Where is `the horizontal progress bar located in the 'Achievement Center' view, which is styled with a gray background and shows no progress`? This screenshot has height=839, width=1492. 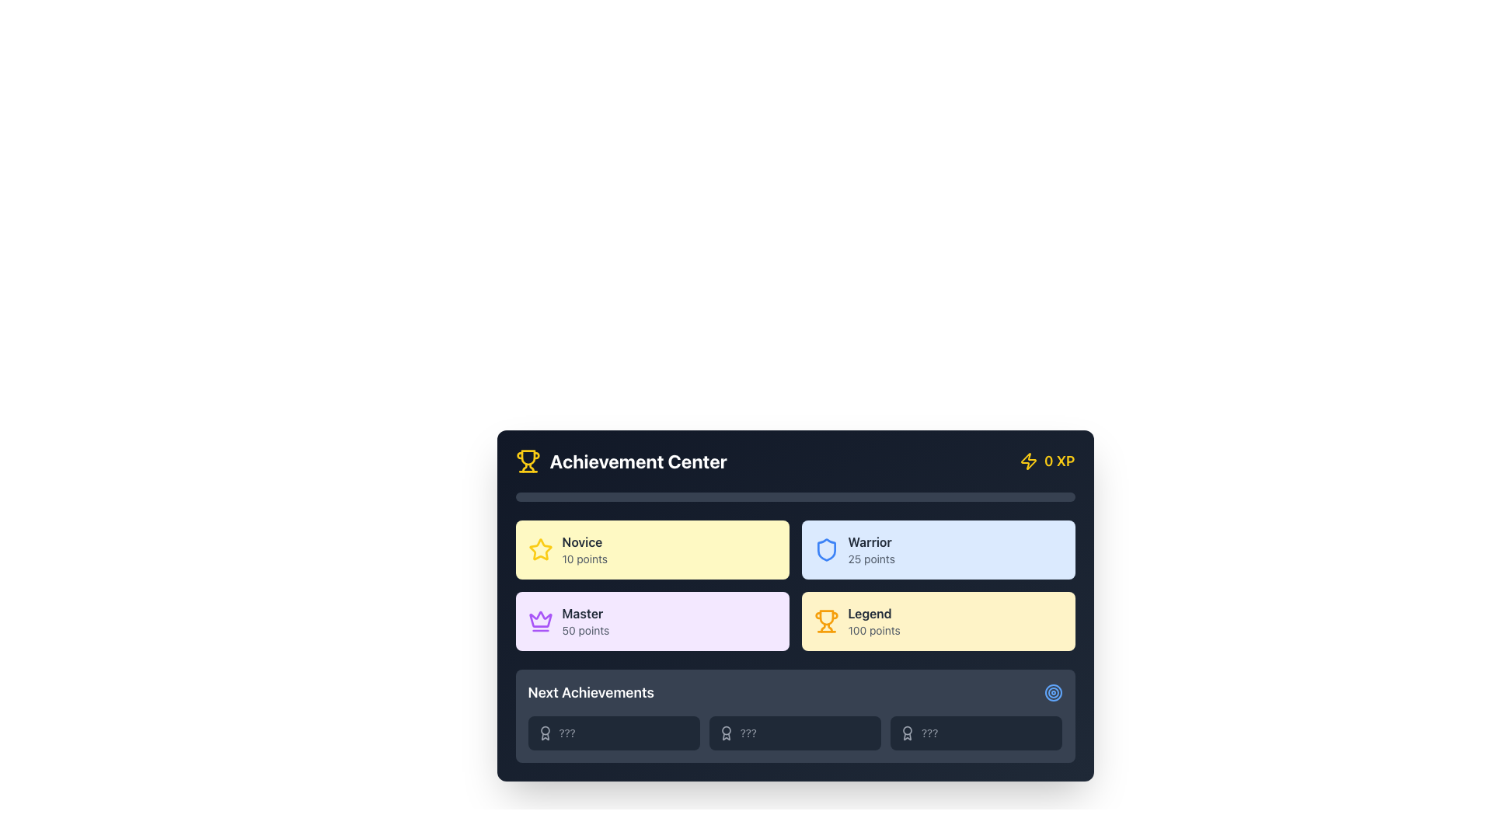 the horizontal progress bar located in the 'Achievement Center' view, which is styled with a gray background and shows no progress is located at coordinates (795, 497).